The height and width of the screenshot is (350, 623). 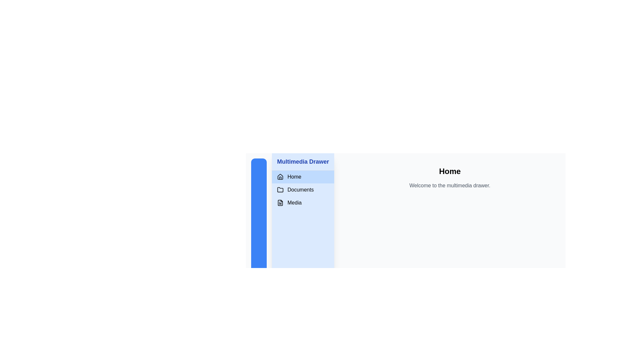 I want to click on the 'Media' button in the left sidebar menu, which is the third item in the vertical navigation list, so click(x=303, y=202).